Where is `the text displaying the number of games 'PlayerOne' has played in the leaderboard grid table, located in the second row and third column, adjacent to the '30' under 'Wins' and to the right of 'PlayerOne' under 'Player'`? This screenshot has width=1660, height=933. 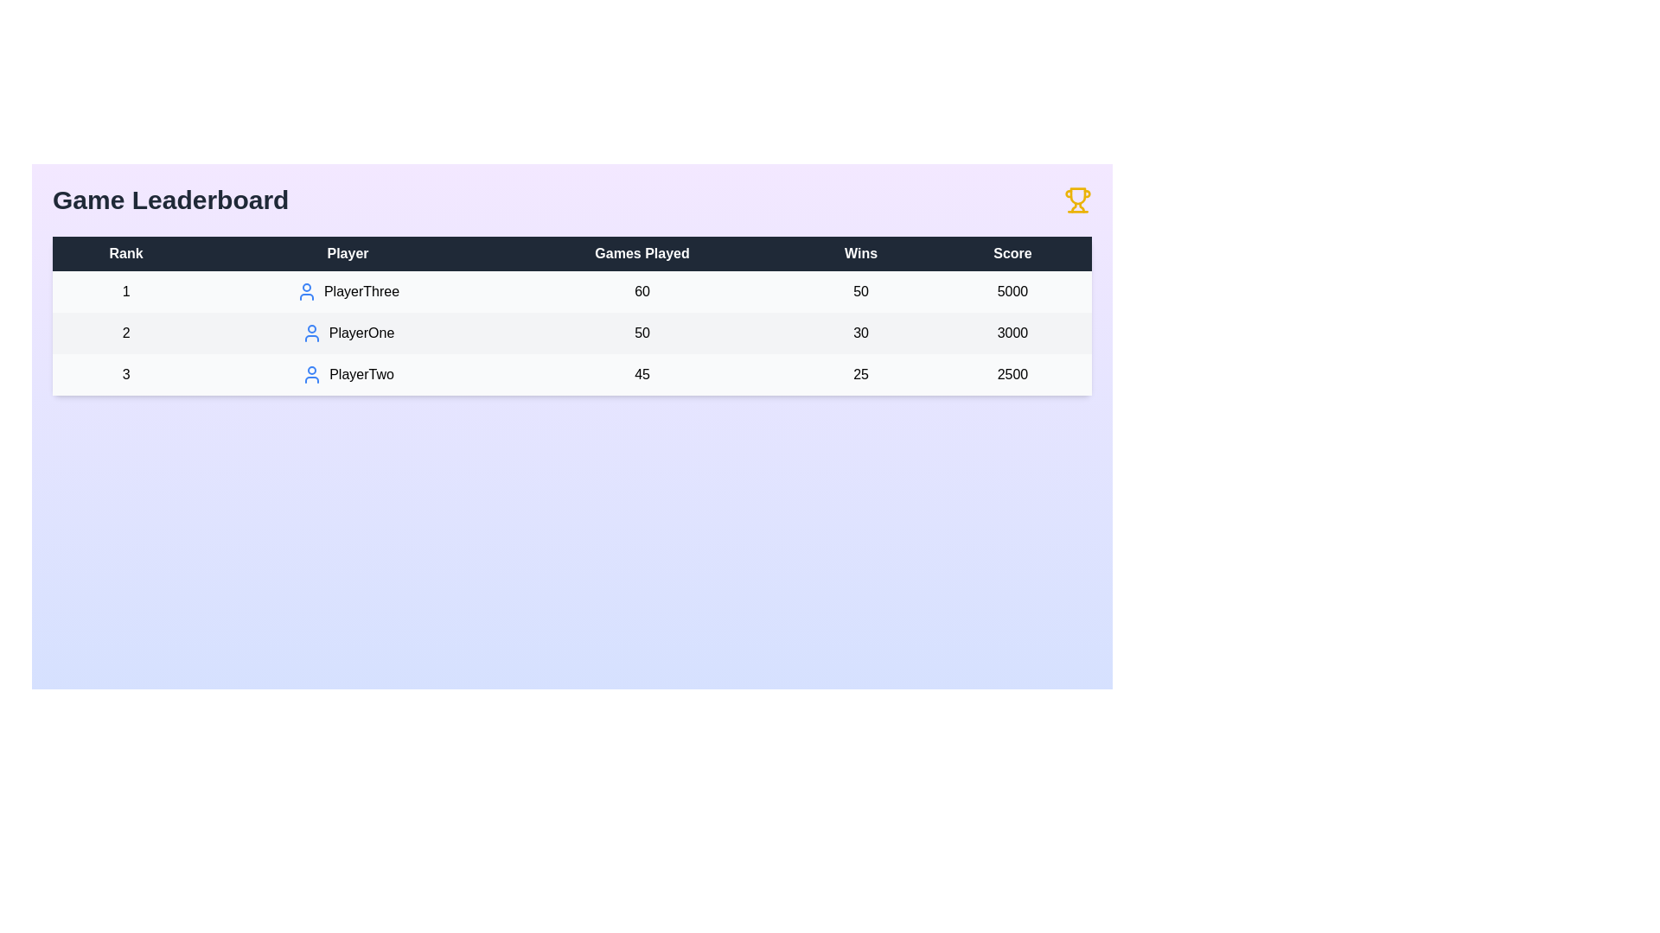
the text displaying the number of games 'PlayerOne' has played in the leaderboard grid table, located in the second row and third column, adjacent to the '30' under 'Wins' and to the right of 'PlayerOne' under 'Player' is located at coordinates (642, 333).